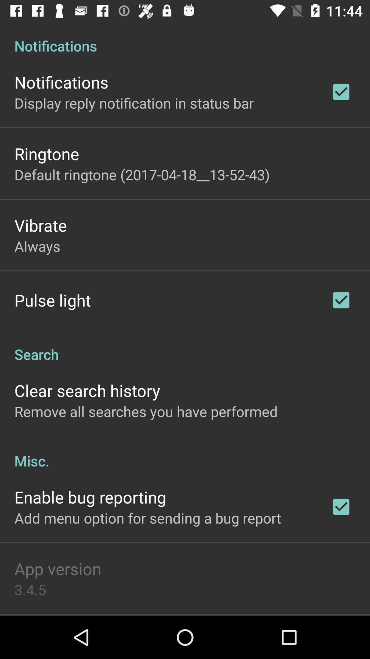 The width and height of the screenshot is (370, 659). What do you see at coordinates (90, 497) in the screenshot?
I see `the enable bug reporting icon` at bounding box center [90, 497].